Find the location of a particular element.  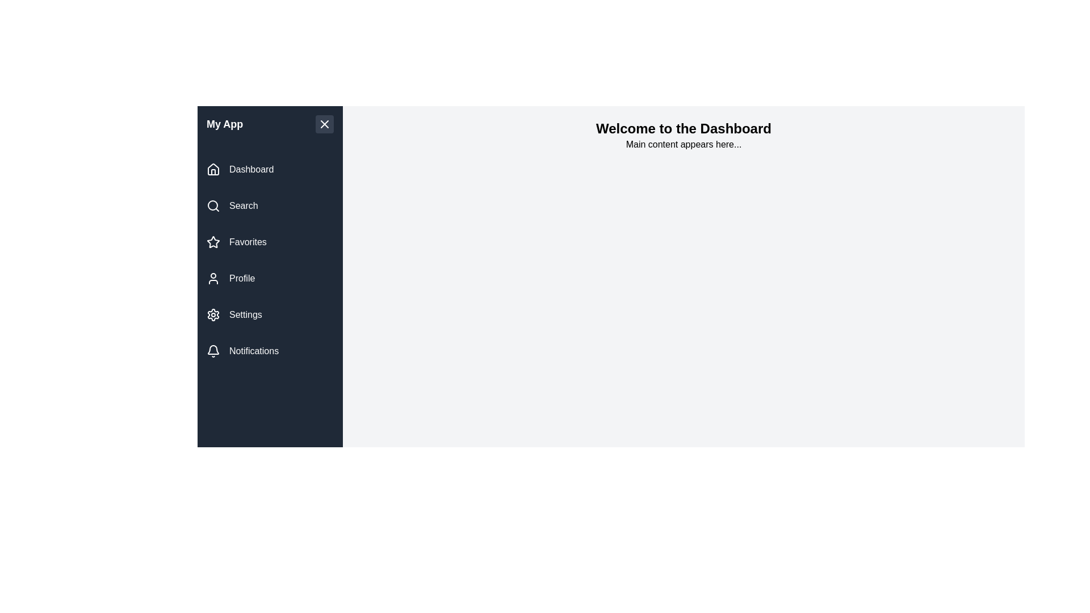

the navigation item Notifications from the drawer is located at coordinates (269, 350).